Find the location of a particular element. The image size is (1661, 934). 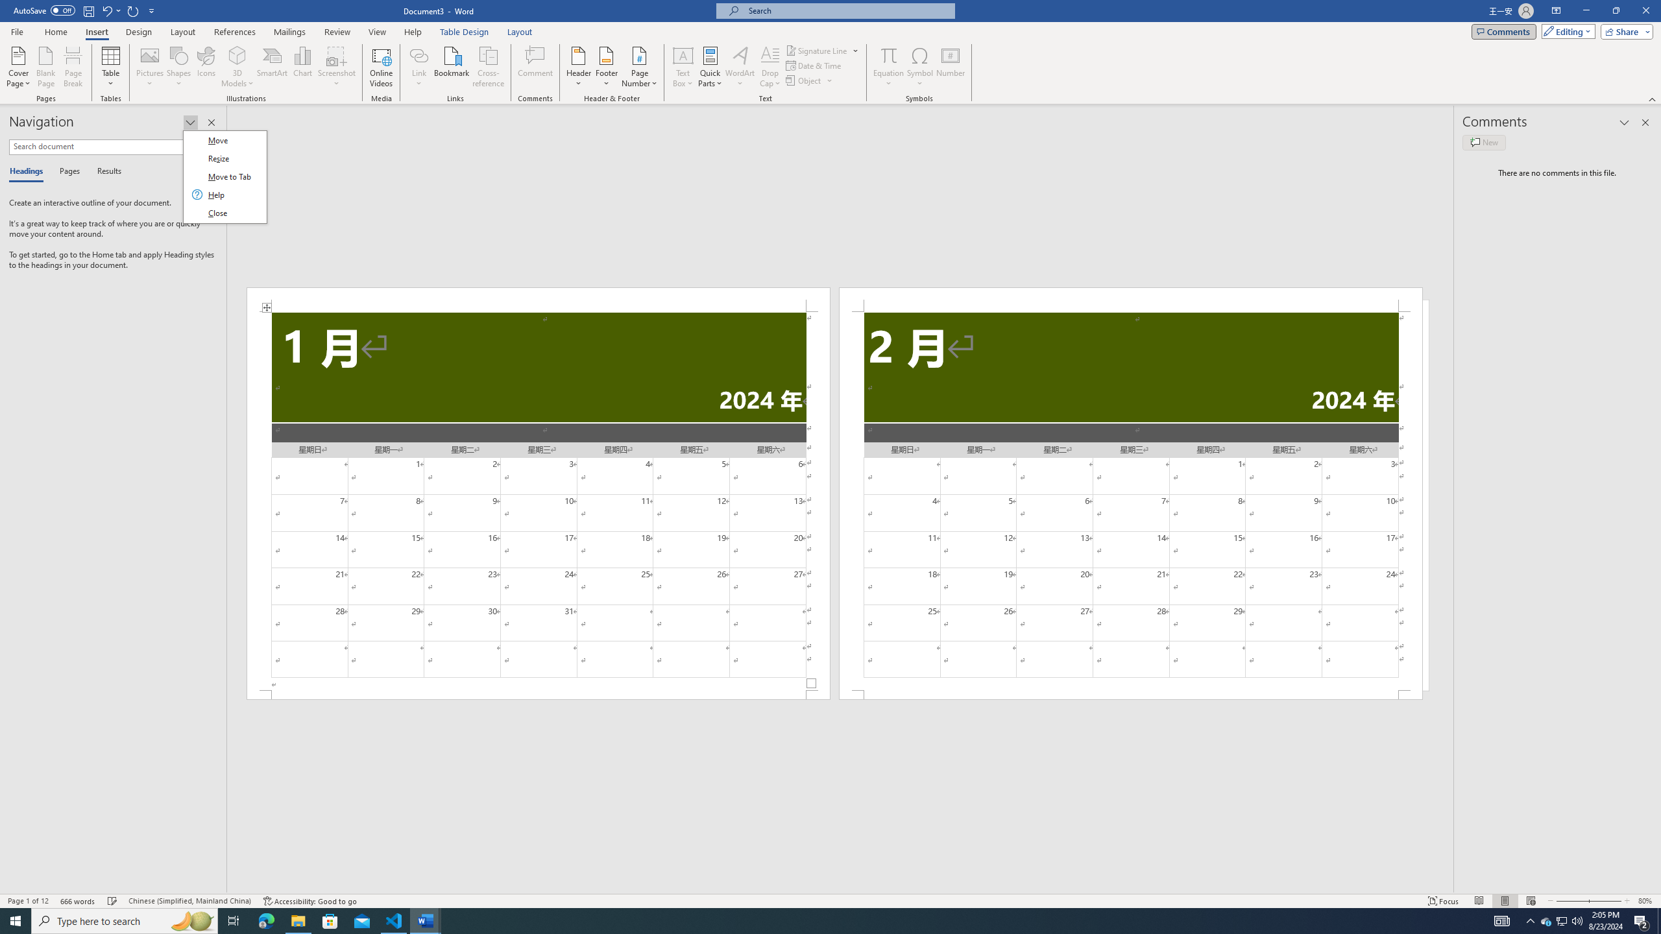

'Icons' is located at coordinates (206, 67).